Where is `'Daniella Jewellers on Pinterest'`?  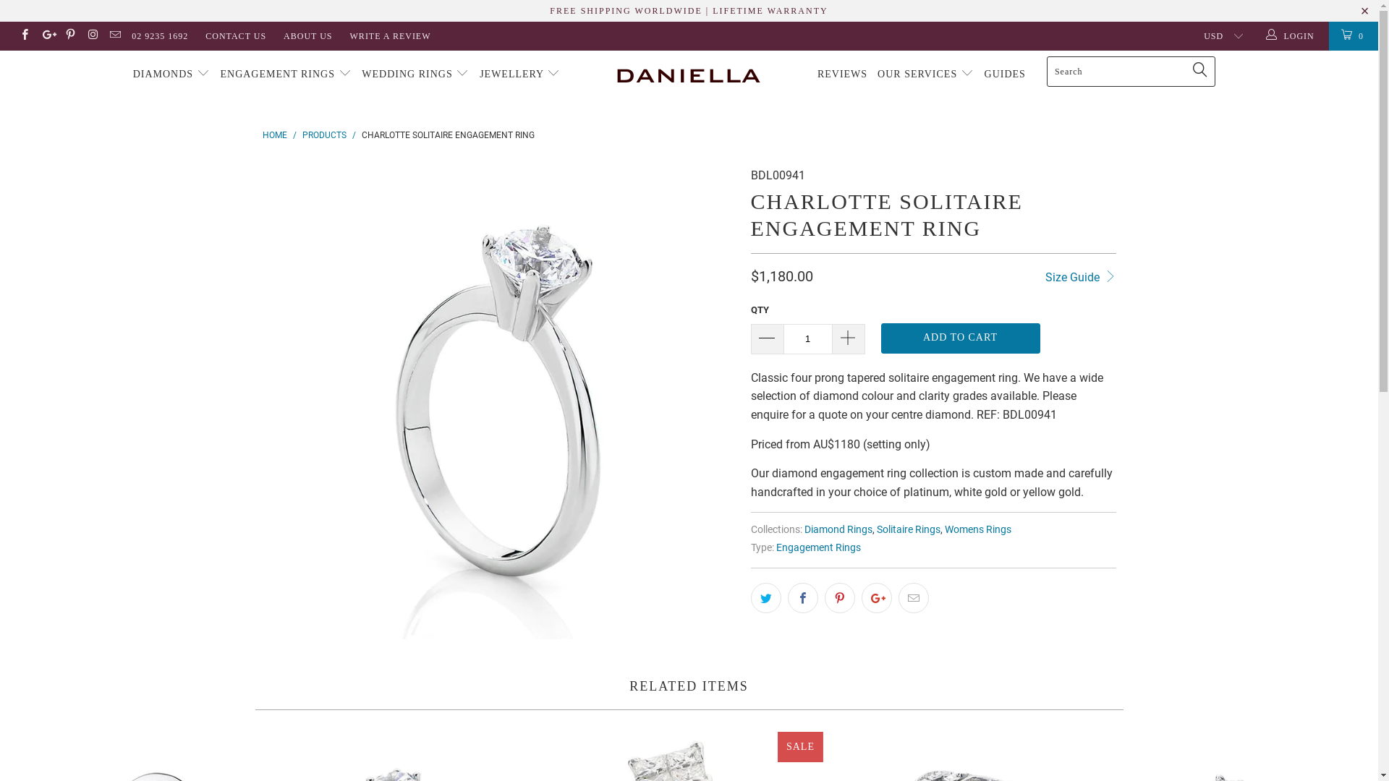
'Daniella Jewellers on Pinterest' is located at coordinates (69, 35).